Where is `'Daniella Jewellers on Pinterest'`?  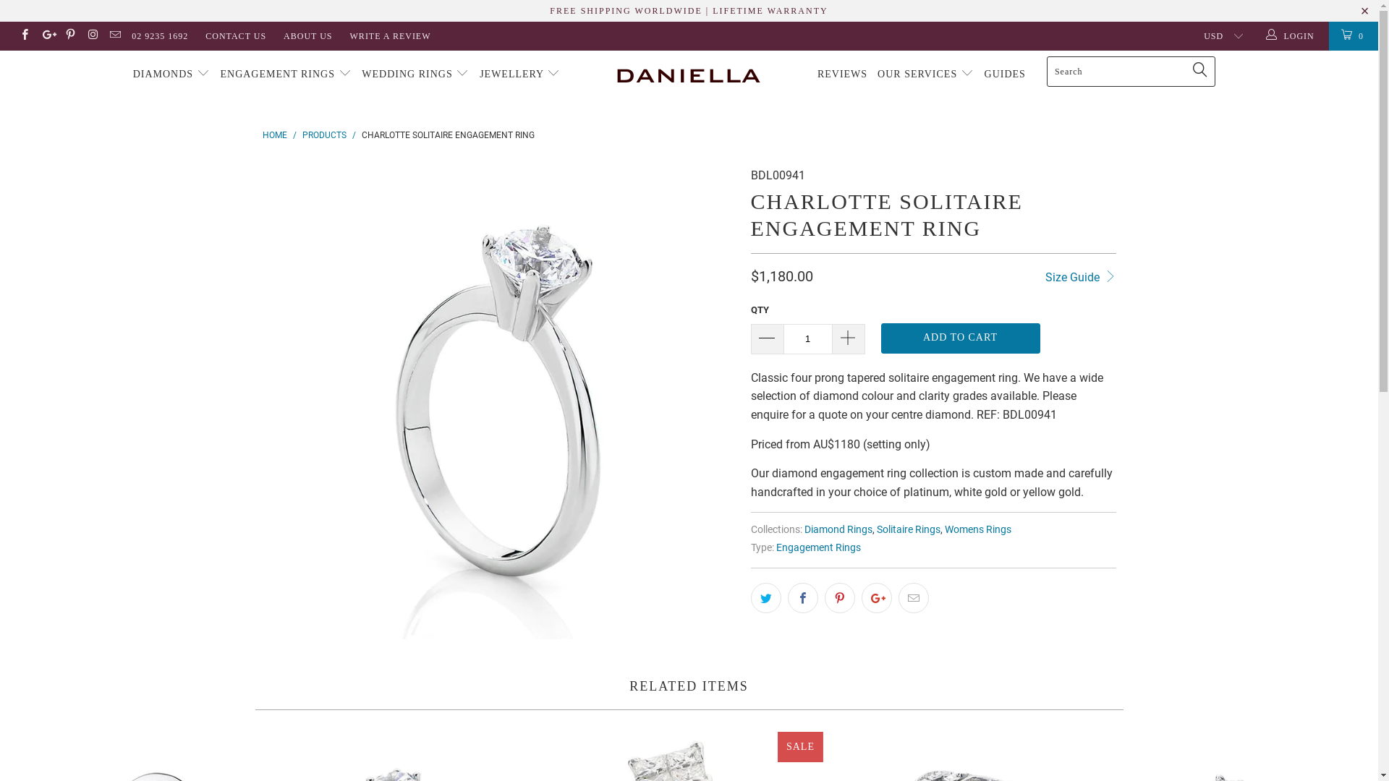
'Daniella Jewellers on Pinterest' is located at coordinates (69, 35).